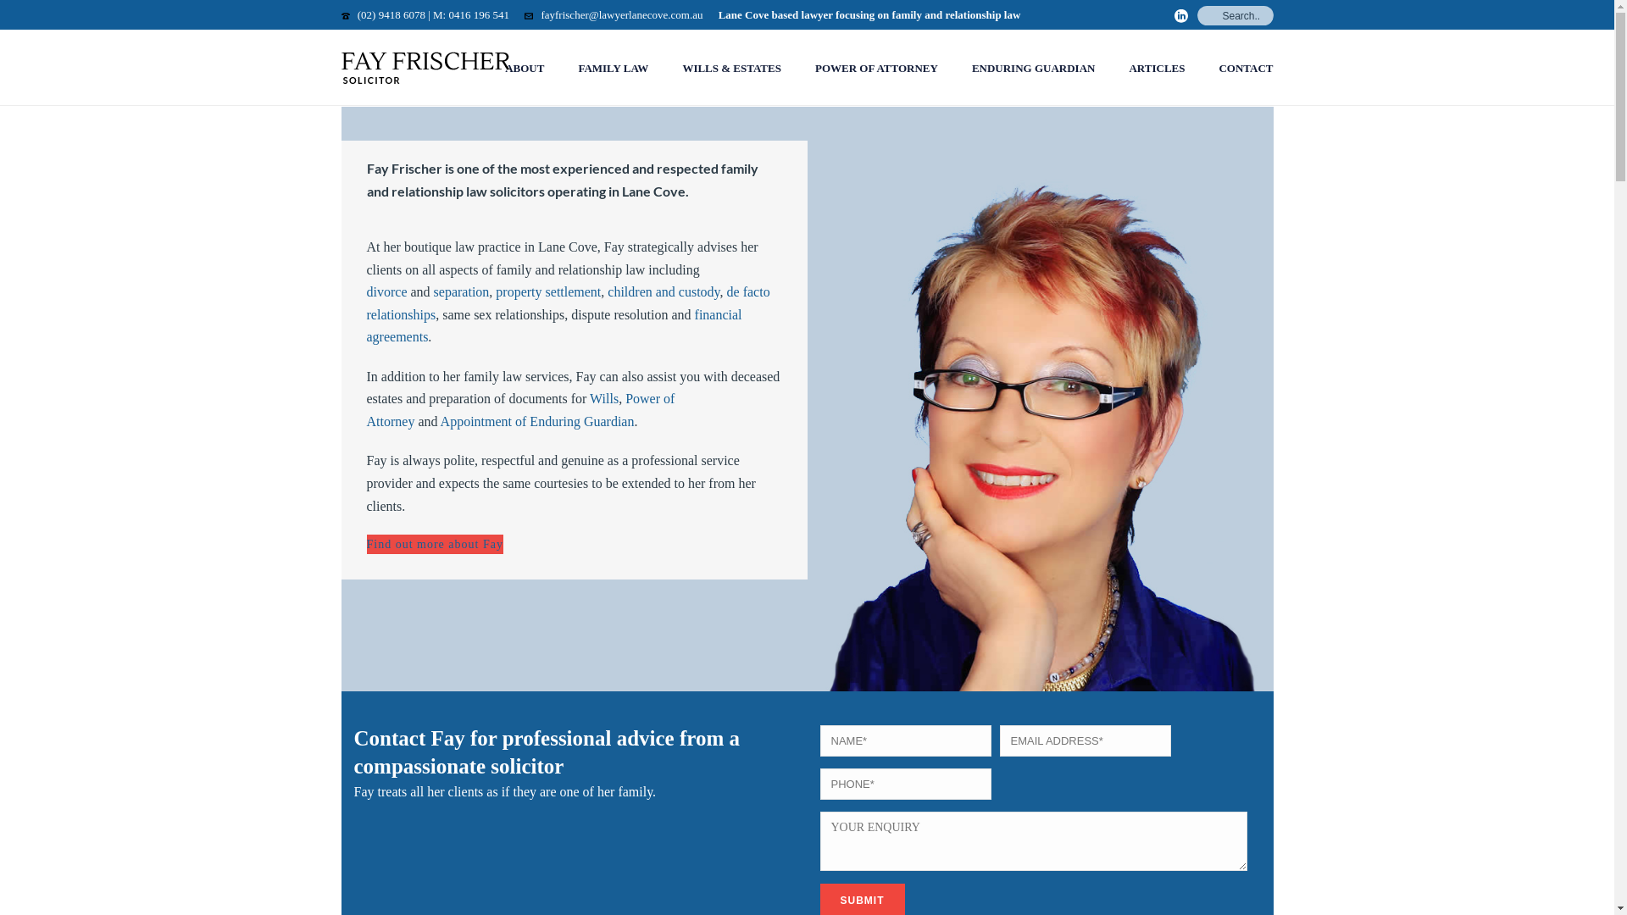 This screenshot has width=1627, height=915. What do you see at coordinates (425, 67) in the screenshot?
I see `'Sydney based lawyer focusing on family and relationship law'` at bounding box center [425, 67].